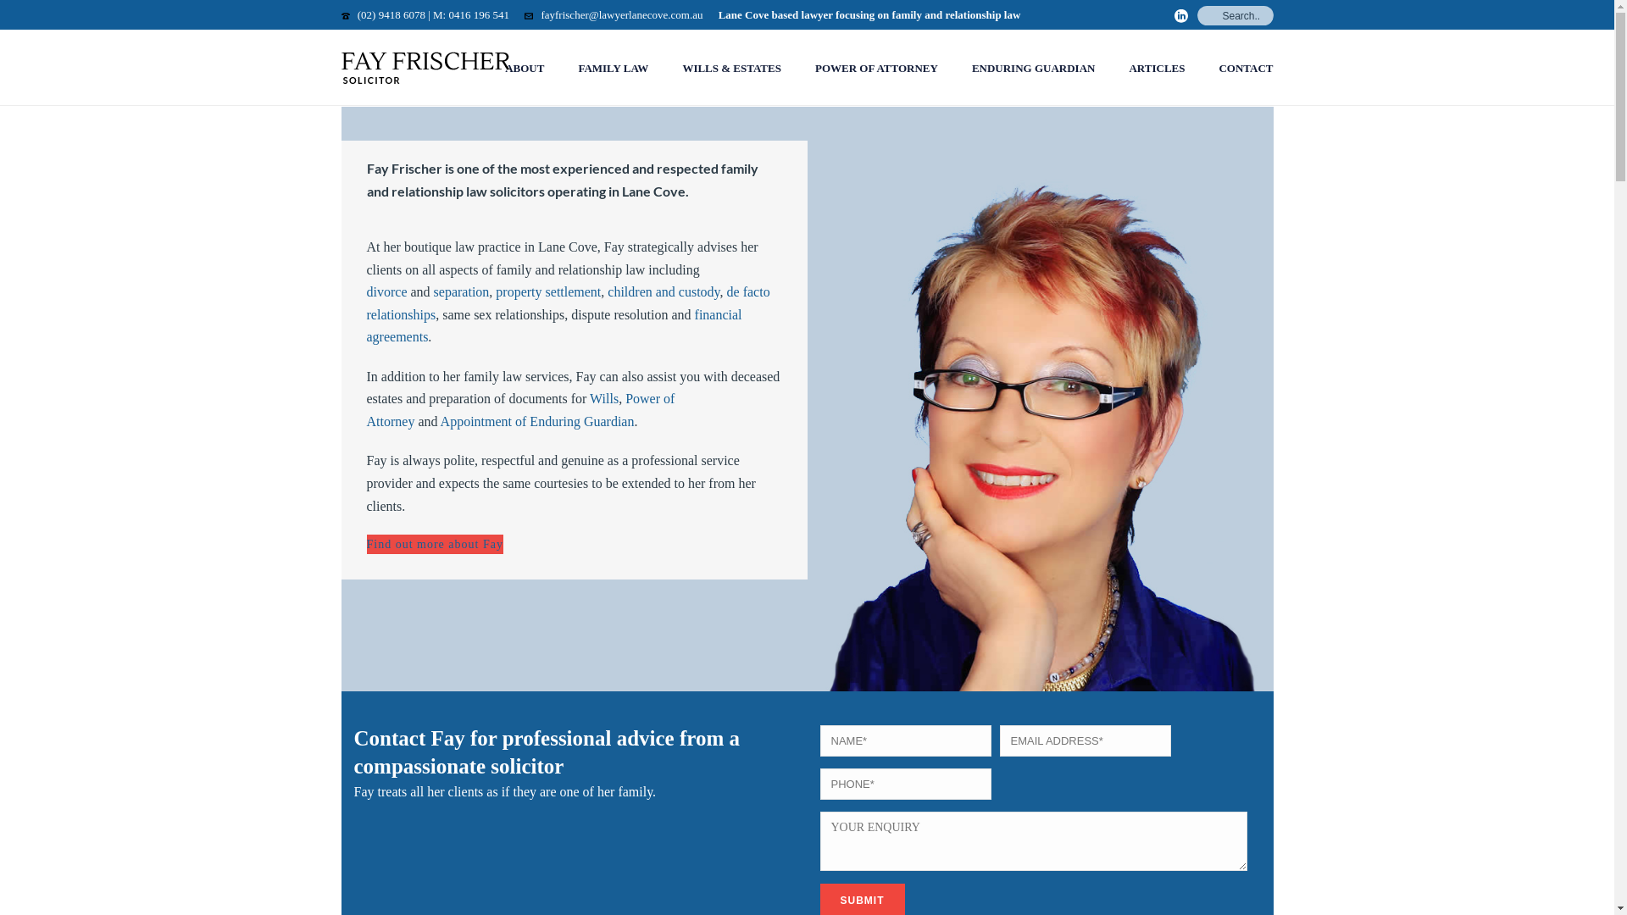 This screenshot has width=1627, height=915. What do you see at coordinates (425, 67) in the screenshot?
I see `'Sydney based lawyer focusing on family and relationship law'` at bounding box center [425, 67].